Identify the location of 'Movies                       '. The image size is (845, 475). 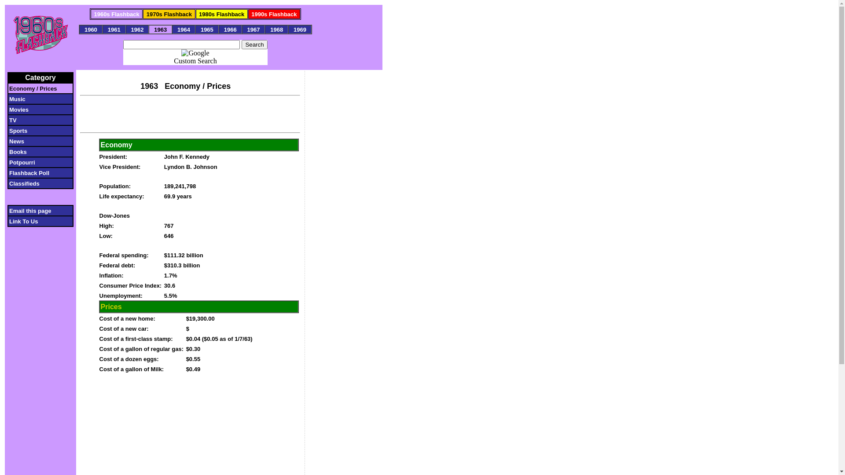
(37, 109).